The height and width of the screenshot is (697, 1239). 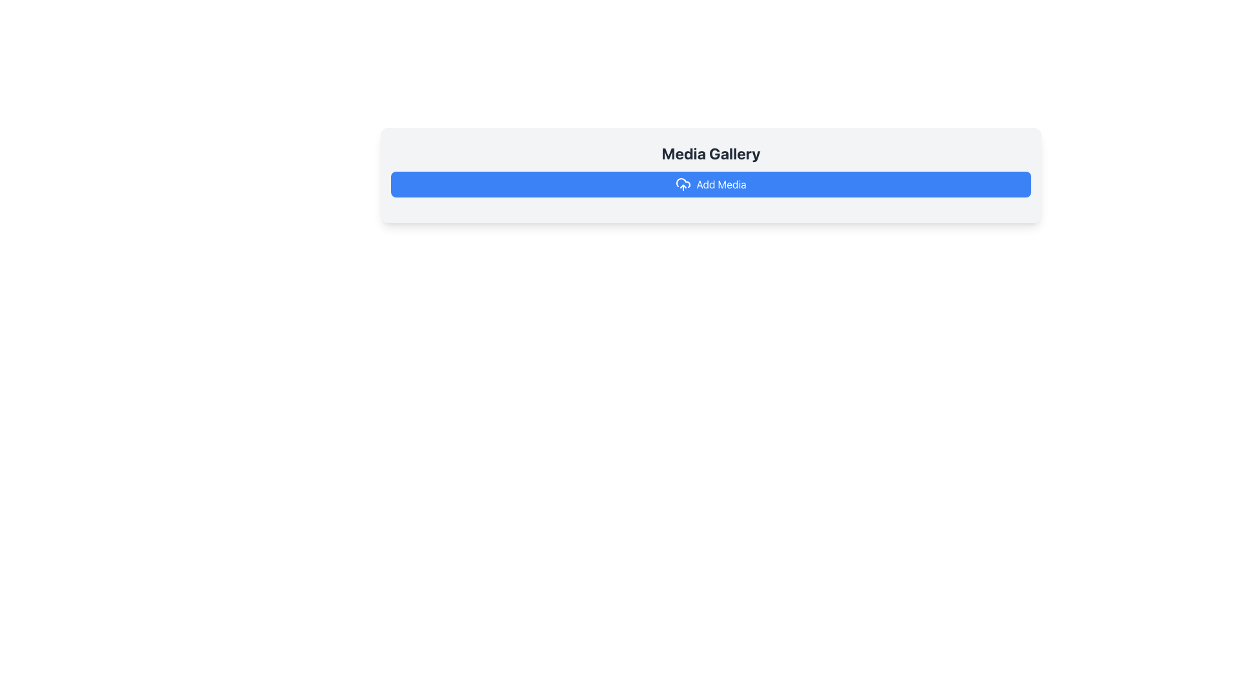 I want to click on the blue rectangular button with rounded corners that has a white upward arrow inside a cloud icon and the text 'Add Media' in bold white font, so click(x=710, y=184).